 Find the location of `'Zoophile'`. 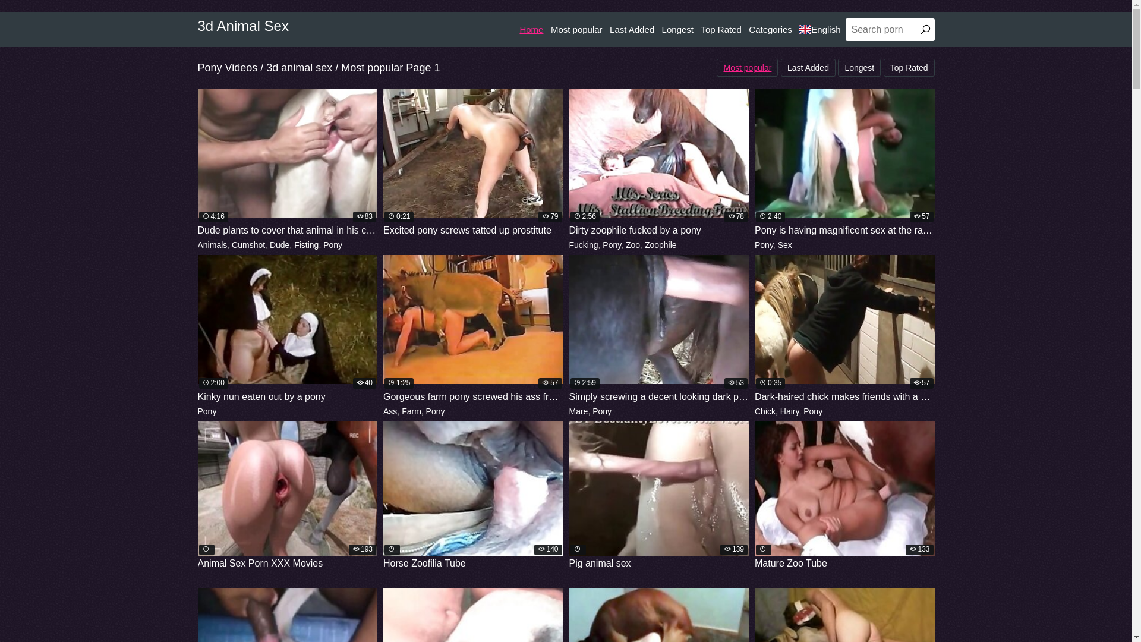

'Zoophile' is located at coordinates (660, 244).